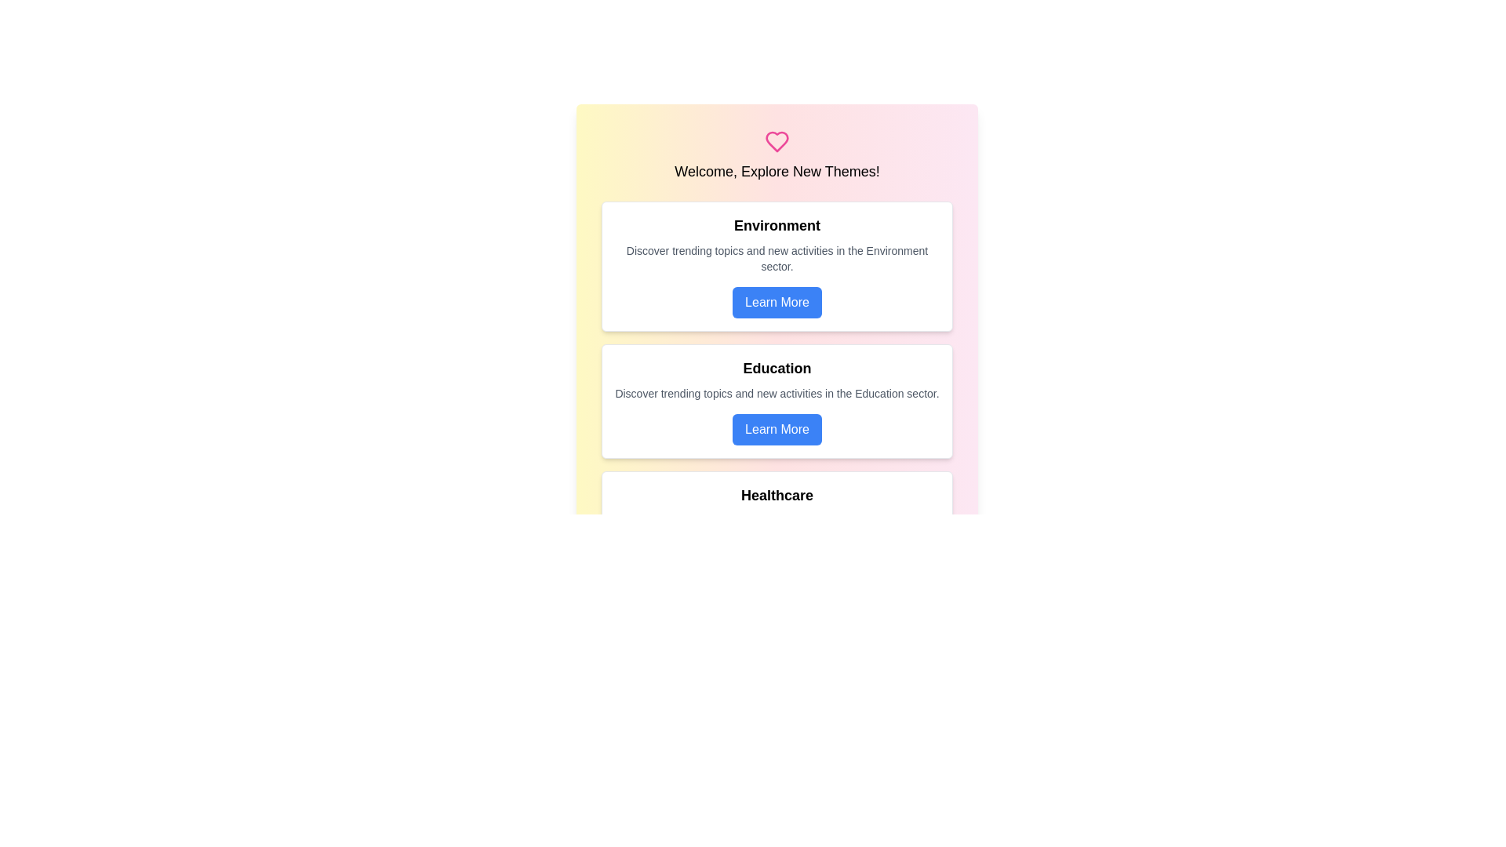 This screenshot has width=1506, height=847. Describe the element at coordinates (777, 369) in the screenshot. I see `the text label displaying 'Education' which is bold and larger in font, positioned near the top of a card widget, visually separating it from other elements` at that location.